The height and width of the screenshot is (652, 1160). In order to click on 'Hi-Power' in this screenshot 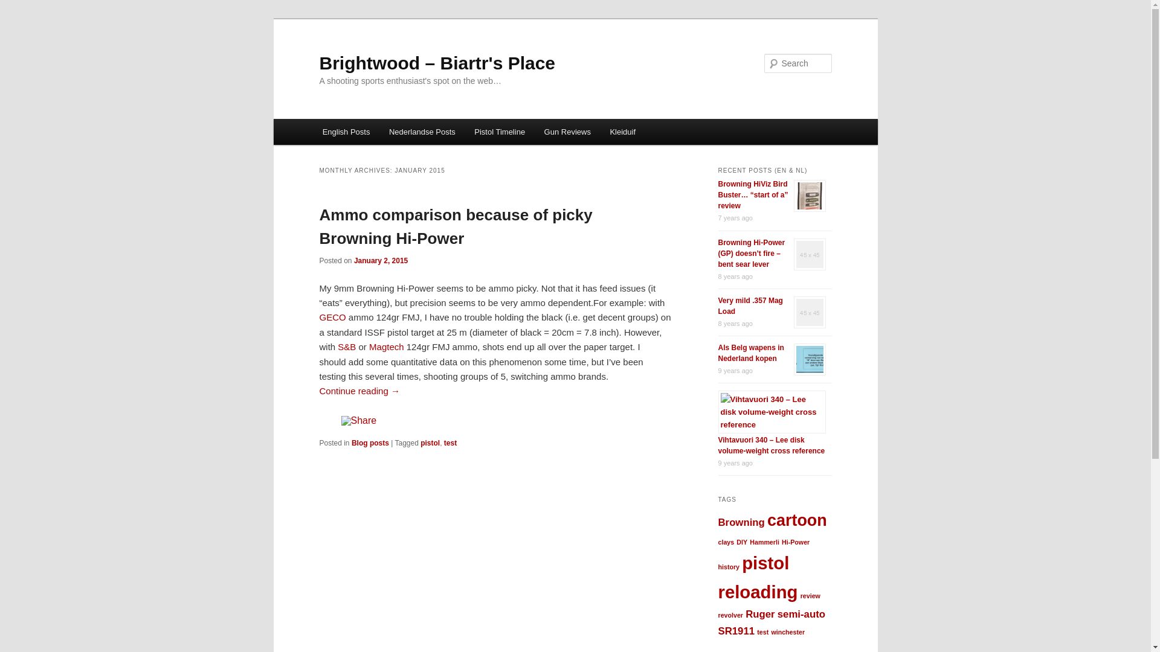, I will do `click(795, 542)`.